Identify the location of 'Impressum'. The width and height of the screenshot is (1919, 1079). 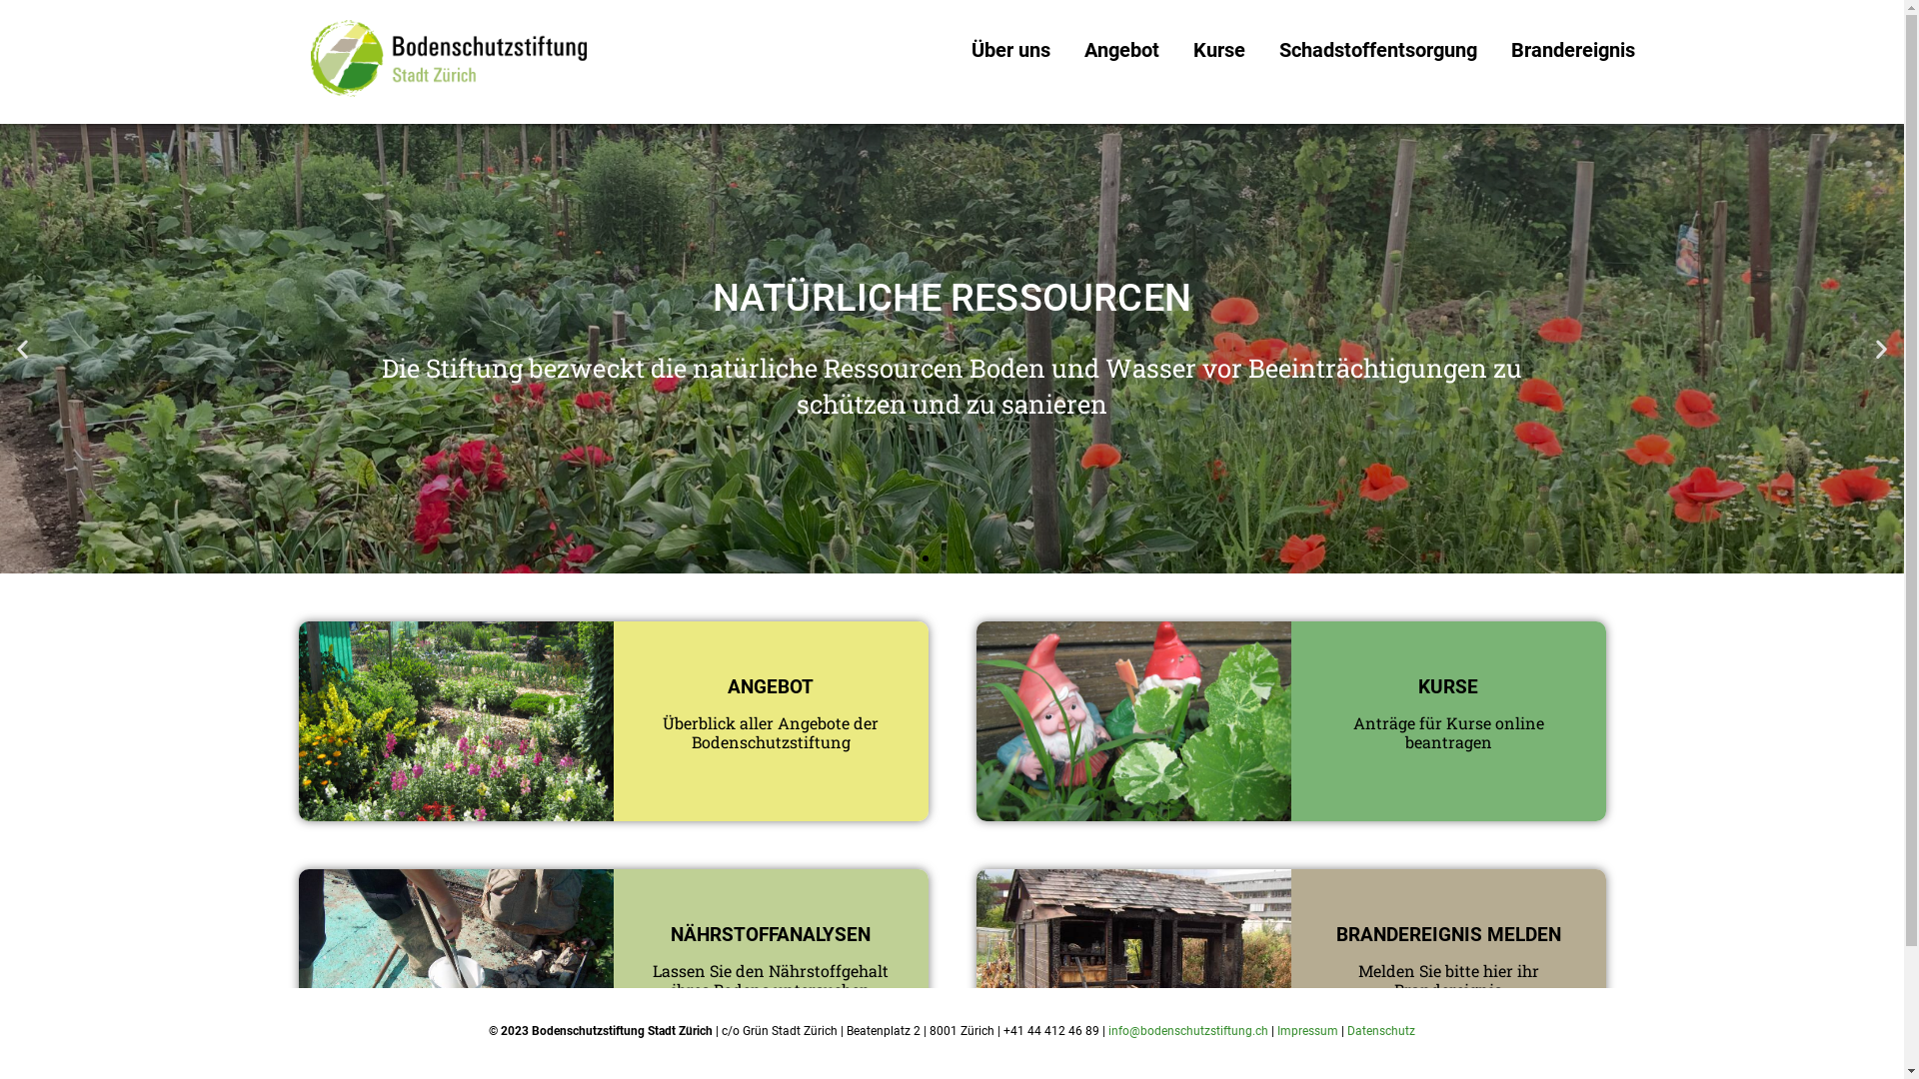
(1307, 1031).